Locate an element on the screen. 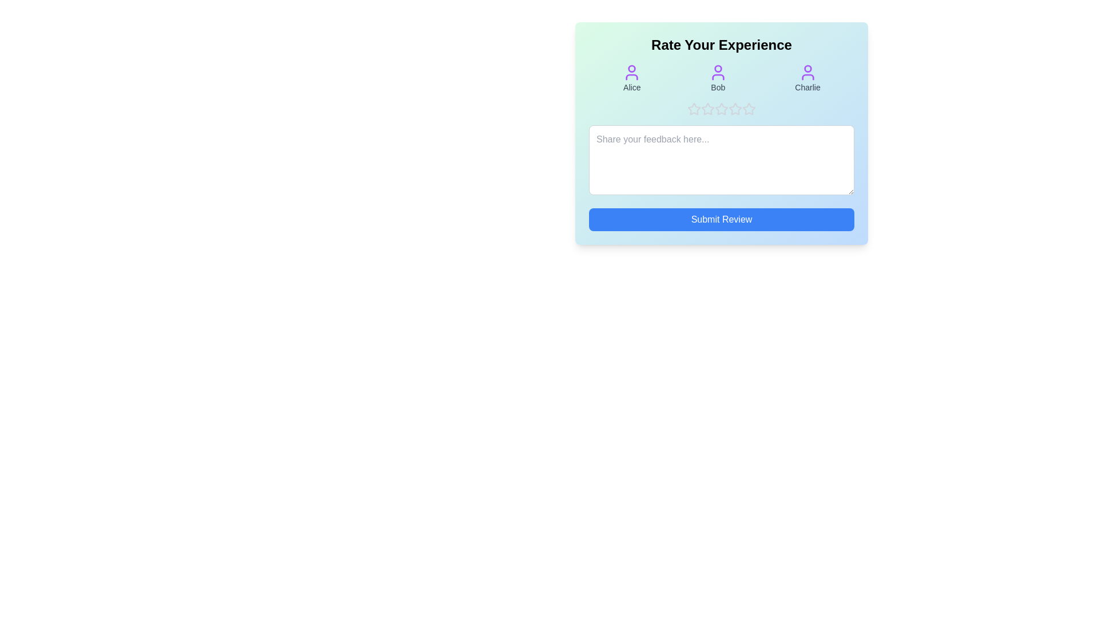 Image resolution: width=1098 pixels, height=618 pixels. the product rating to 5 stars by clicking on the corresponding star is located at coordinates (749, 109).